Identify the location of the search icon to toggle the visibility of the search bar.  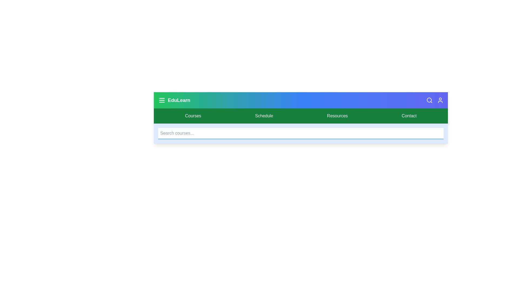
(429, 100).